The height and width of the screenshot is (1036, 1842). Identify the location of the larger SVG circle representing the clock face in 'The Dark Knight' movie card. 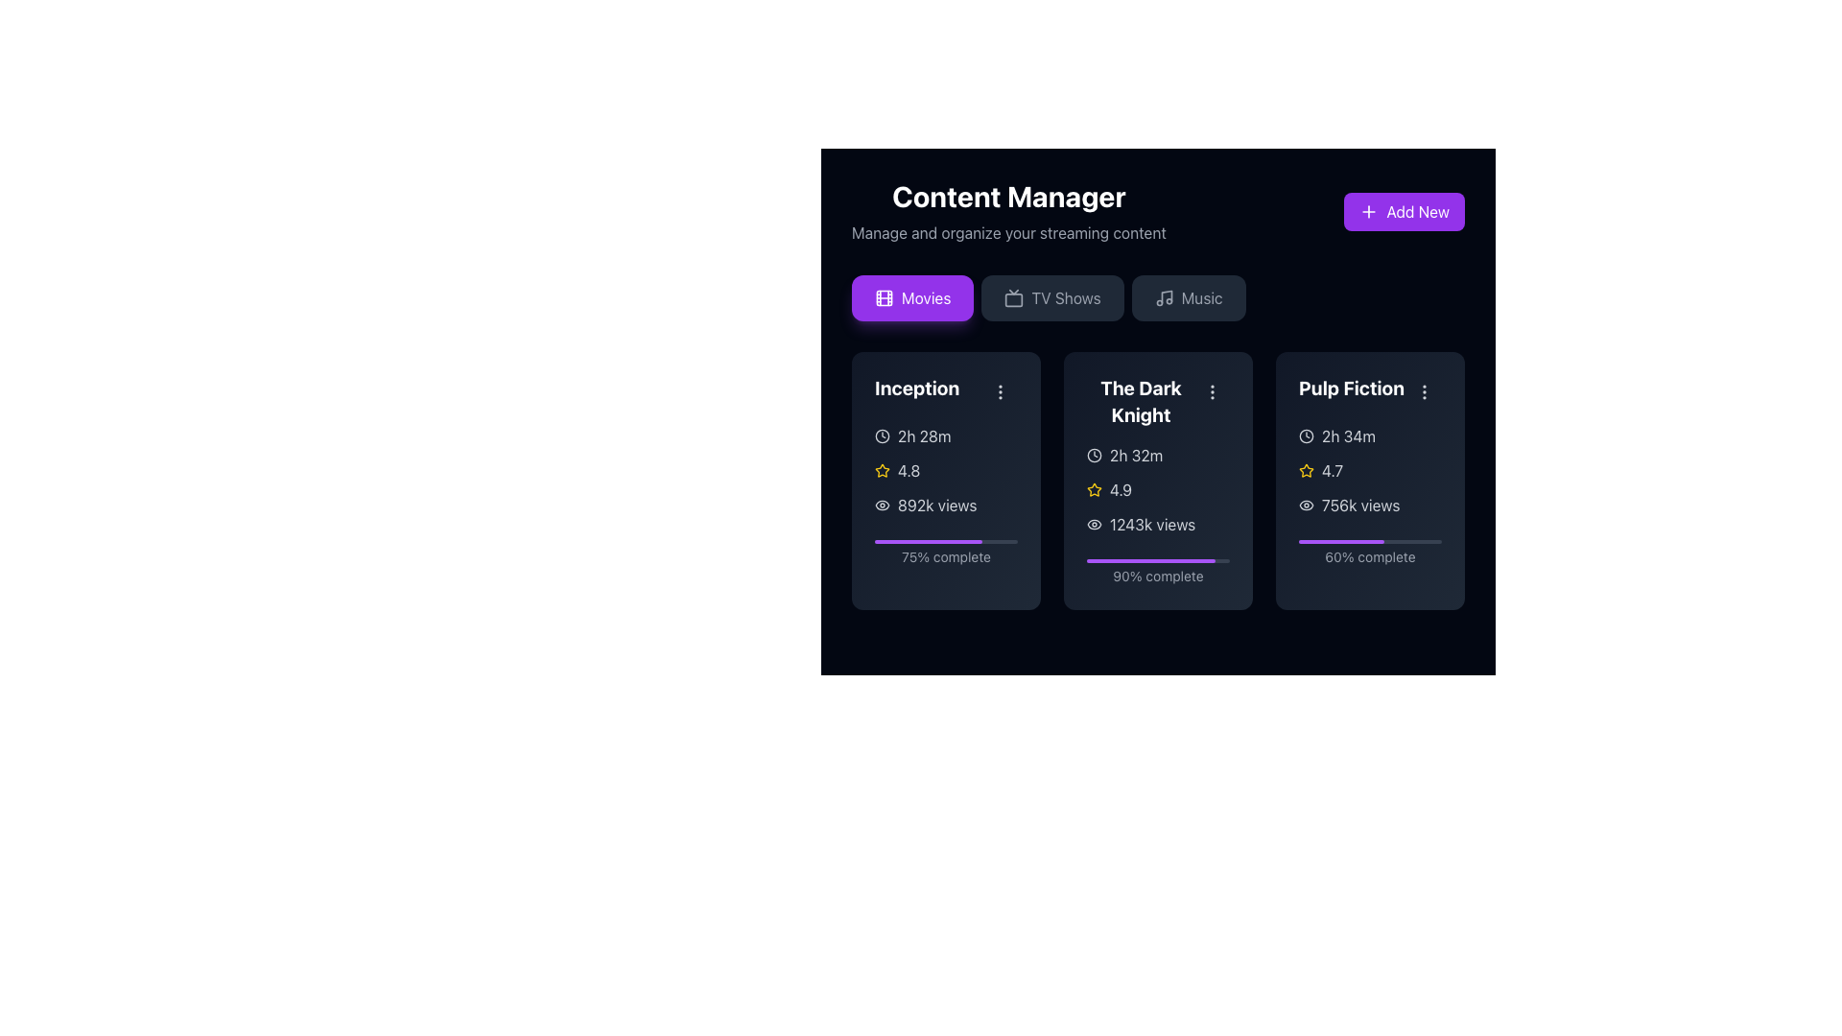
(1095, 455).